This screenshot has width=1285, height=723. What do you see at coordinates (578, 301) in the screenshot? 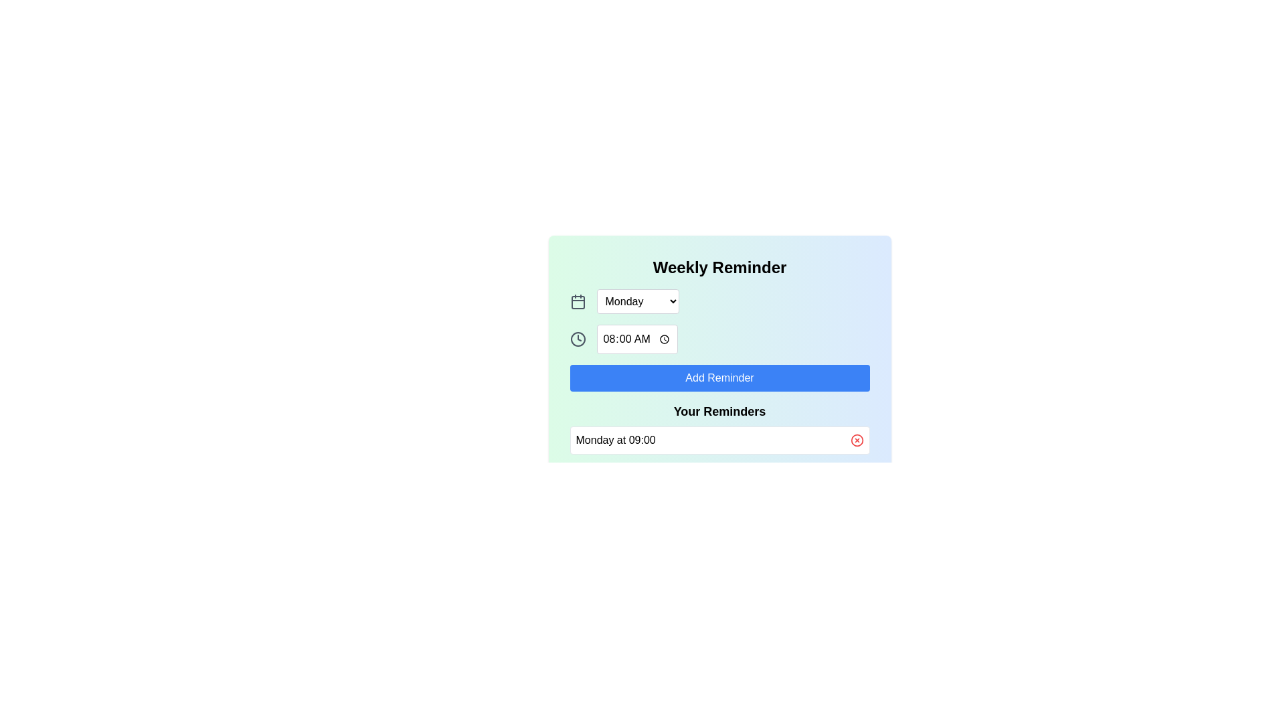
I see `the date-related icon located to the left of the 'Monday' dropdown under the 'Weekly Reminder' heading to invoke a calendar selection menu` at bounding box center [578, 301].